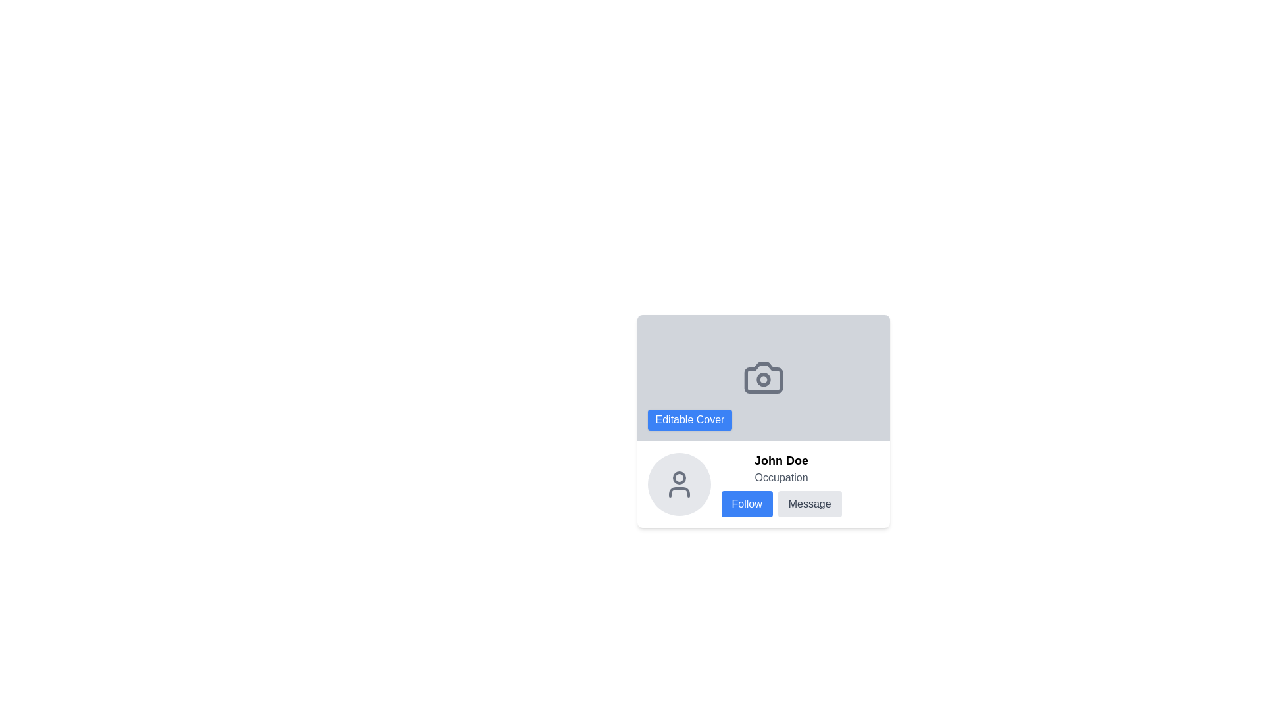  What do you see at coordinates (781, 460) in the screenshot?
I see `displayed name 'John Doe' from the bold, large text label located at the top of the profile card, above the 'Occupation' label and the 'Follow' and 'Message' buttons` at bounding box center [781, 460].